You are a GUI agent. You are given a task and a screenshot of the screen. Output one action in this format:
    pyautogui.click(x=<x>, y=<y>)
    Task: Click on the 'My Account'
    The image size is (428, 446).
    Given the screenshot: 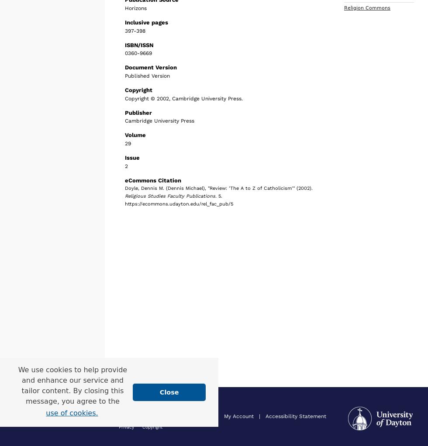 What is the action you would take?
    pyautogui.click(x=239, y=416)
    